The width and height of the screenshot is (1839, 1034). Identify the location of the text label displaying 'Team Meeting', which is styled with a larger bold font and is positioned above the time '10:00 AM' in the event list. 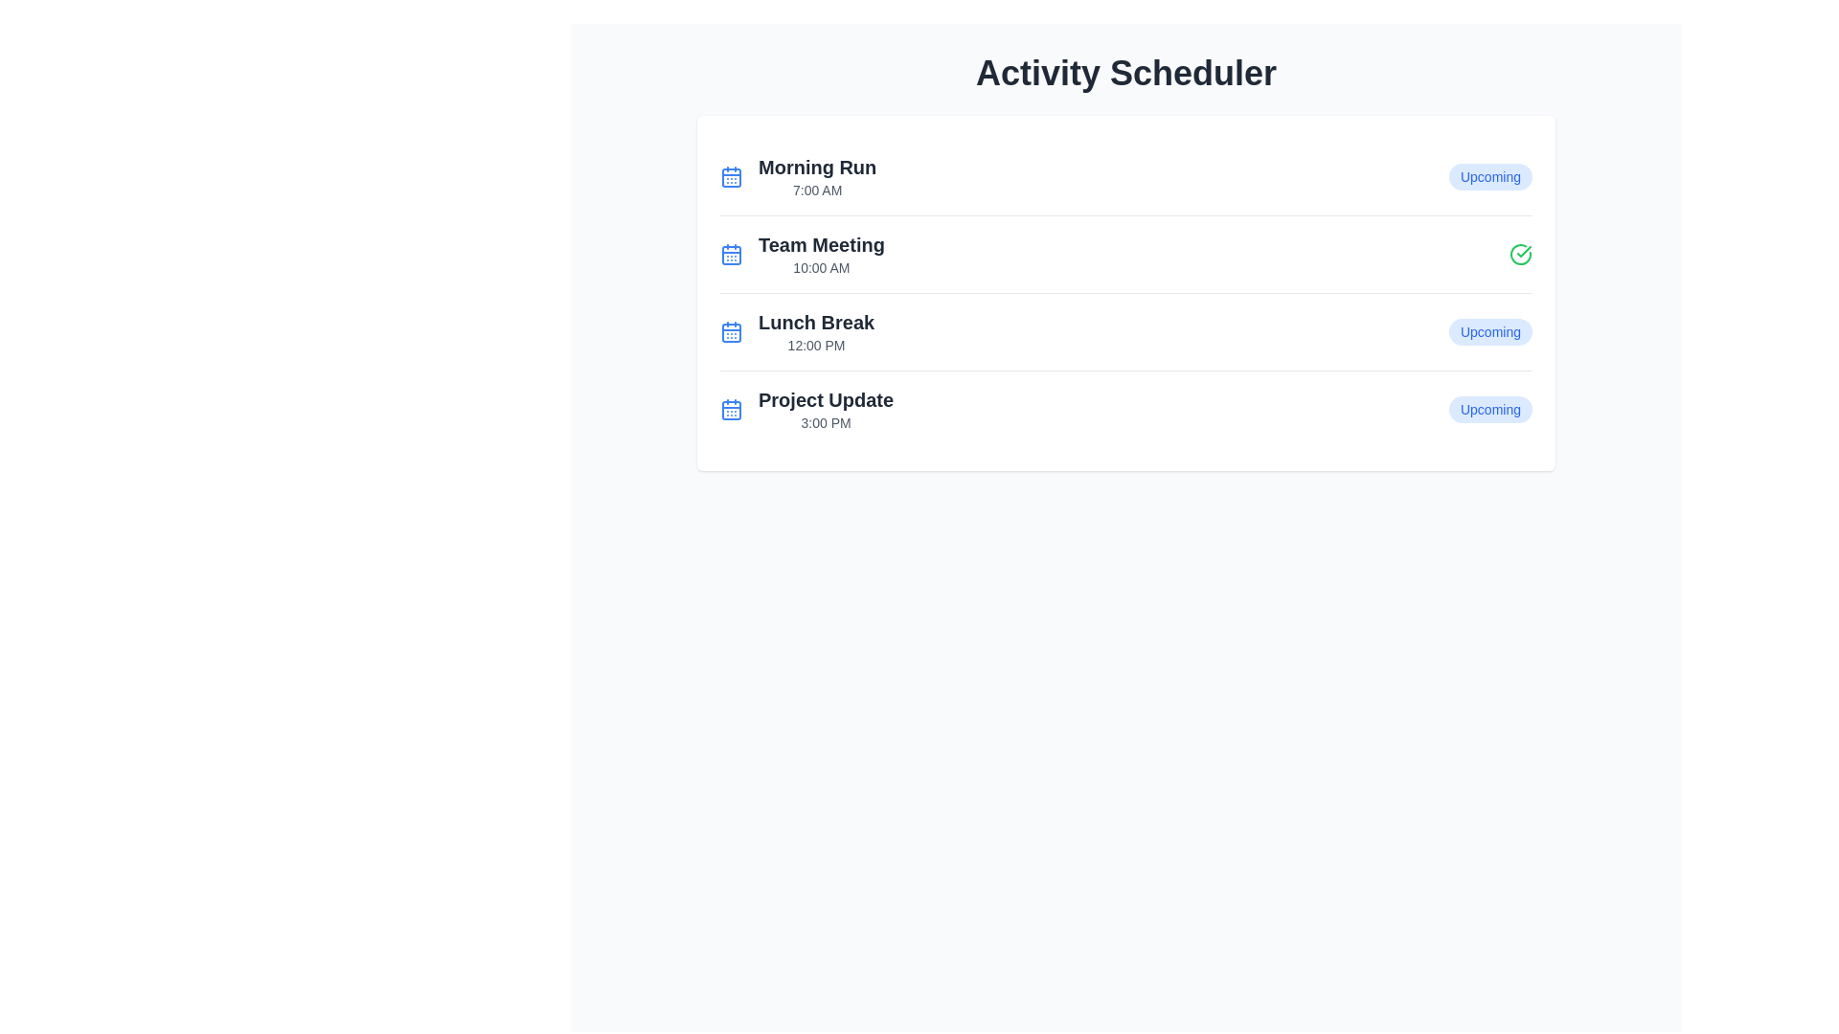
(821, 243).